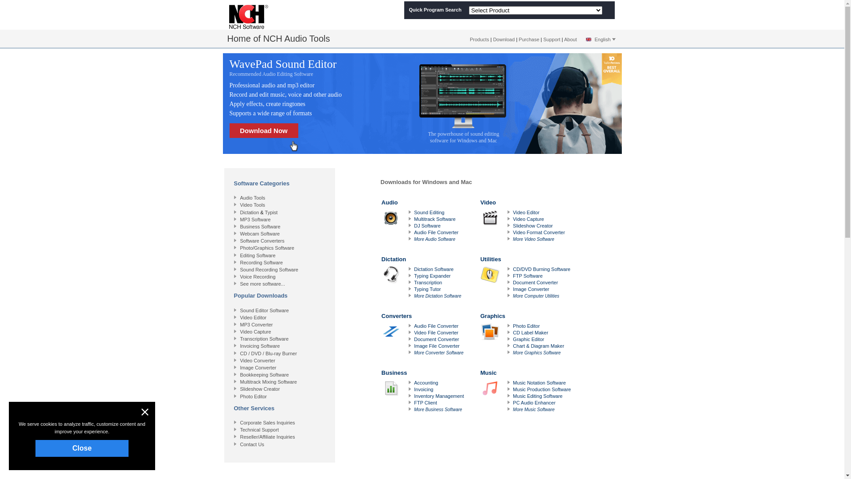 This screenshot has width=851, height=479. What do you see at coordinates (259, 429) in the screenshot?
I see `'Technical Support'` at bounding box center [259, 429].